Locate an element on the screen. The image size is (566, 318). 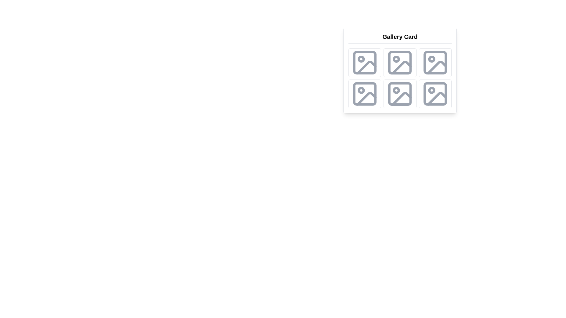
the black text label reading 'Gallery Card' at the top of the card interface is located at coordinates (400, 38).